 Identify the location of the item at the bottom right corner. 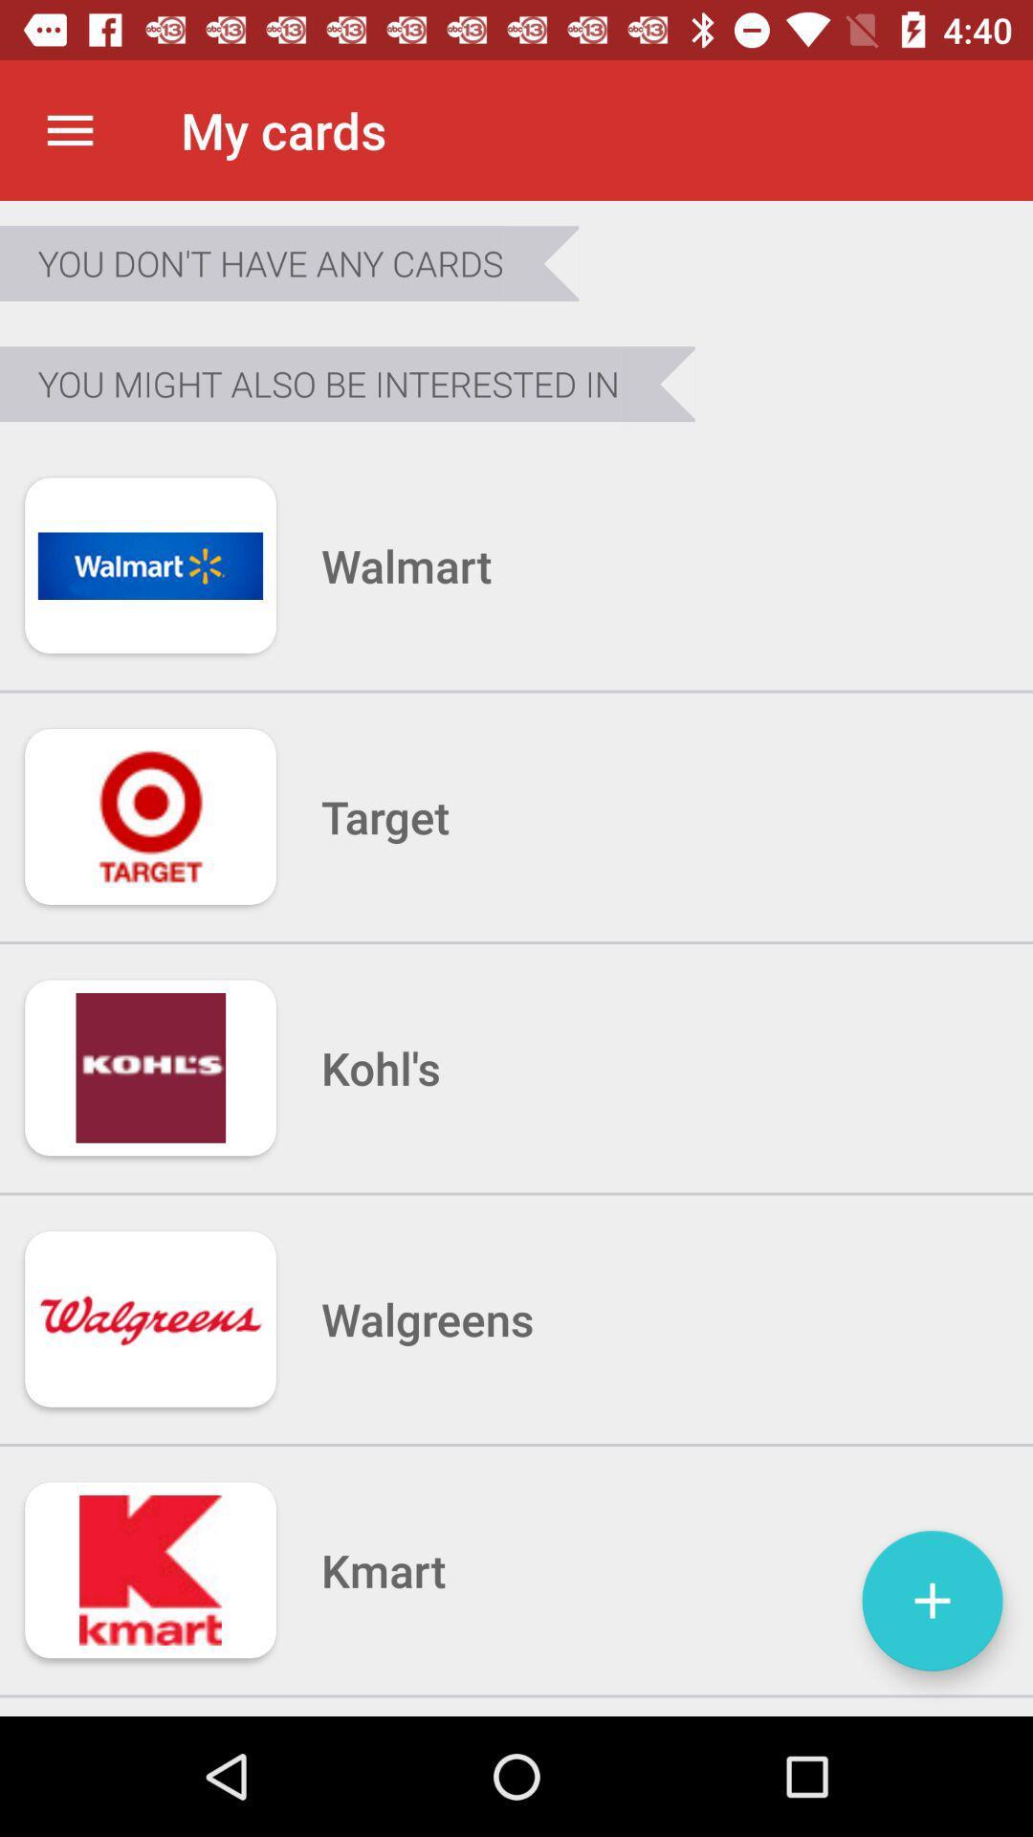
(932, 1601).